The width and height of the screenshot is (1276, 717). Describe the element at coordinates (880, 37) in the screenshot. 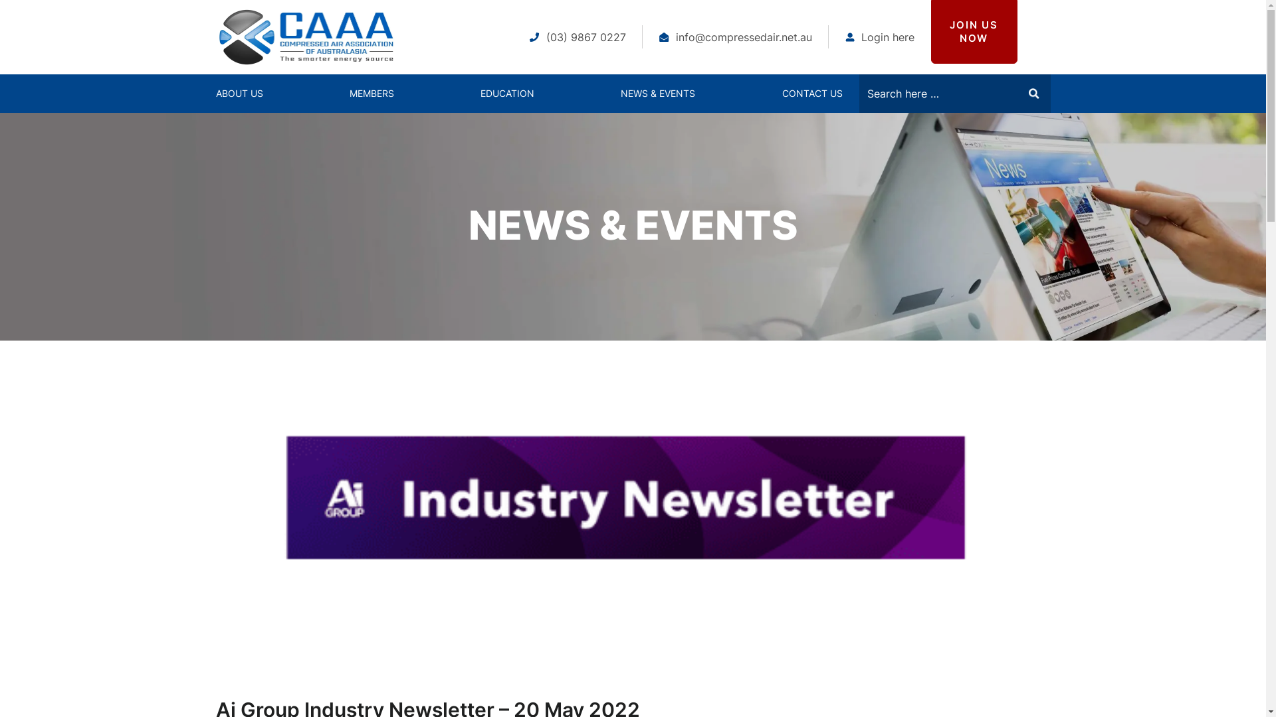

I see `'Login here'` at that location.